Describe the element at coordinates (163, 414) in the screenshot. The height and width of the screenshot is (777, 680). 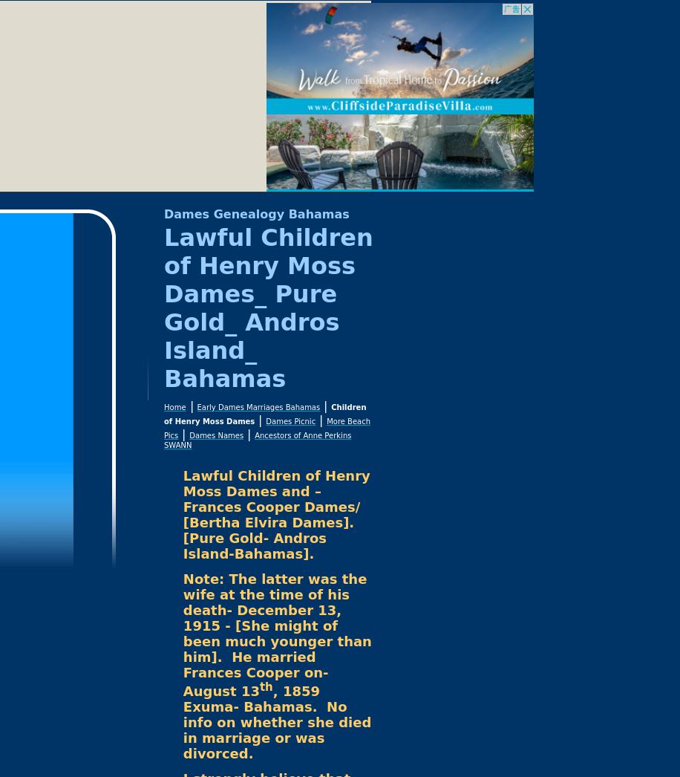
I see `'Children of Henry Moss Dames'` at that location.